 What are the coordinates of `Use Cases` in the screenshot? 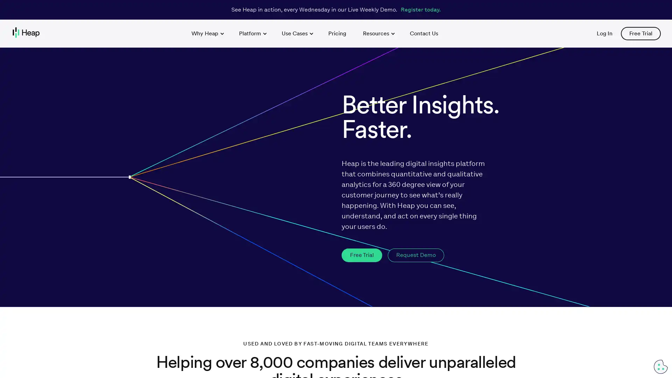 It's located at (296, 34).